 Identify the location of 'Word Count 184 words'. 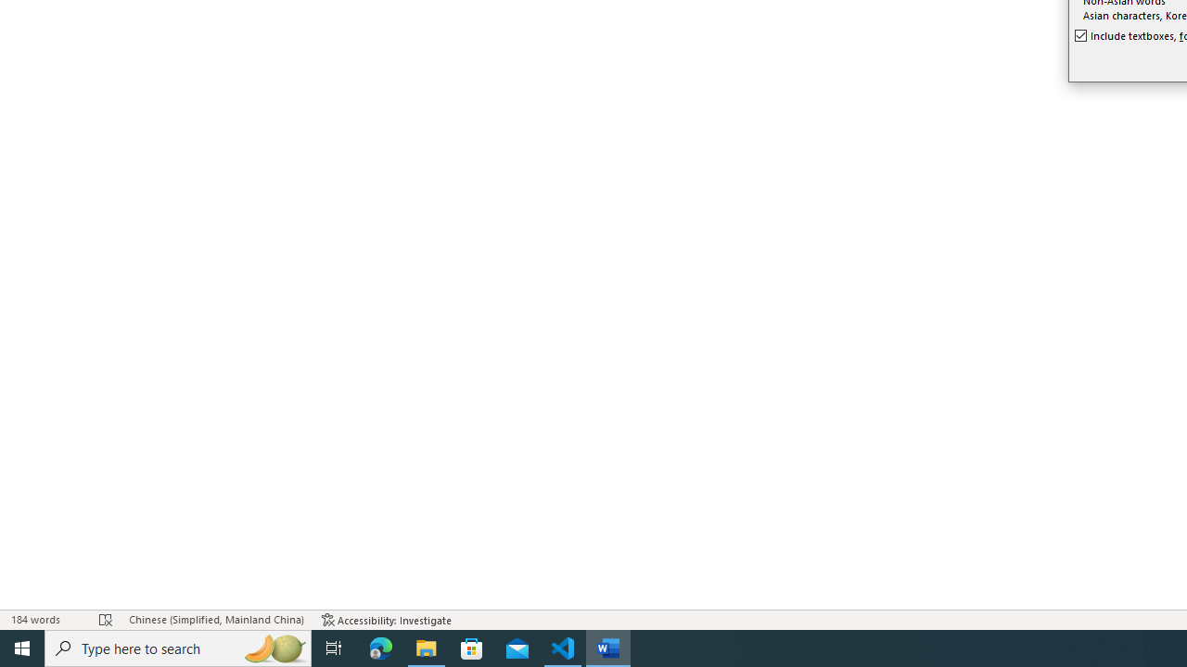
(45, 620).